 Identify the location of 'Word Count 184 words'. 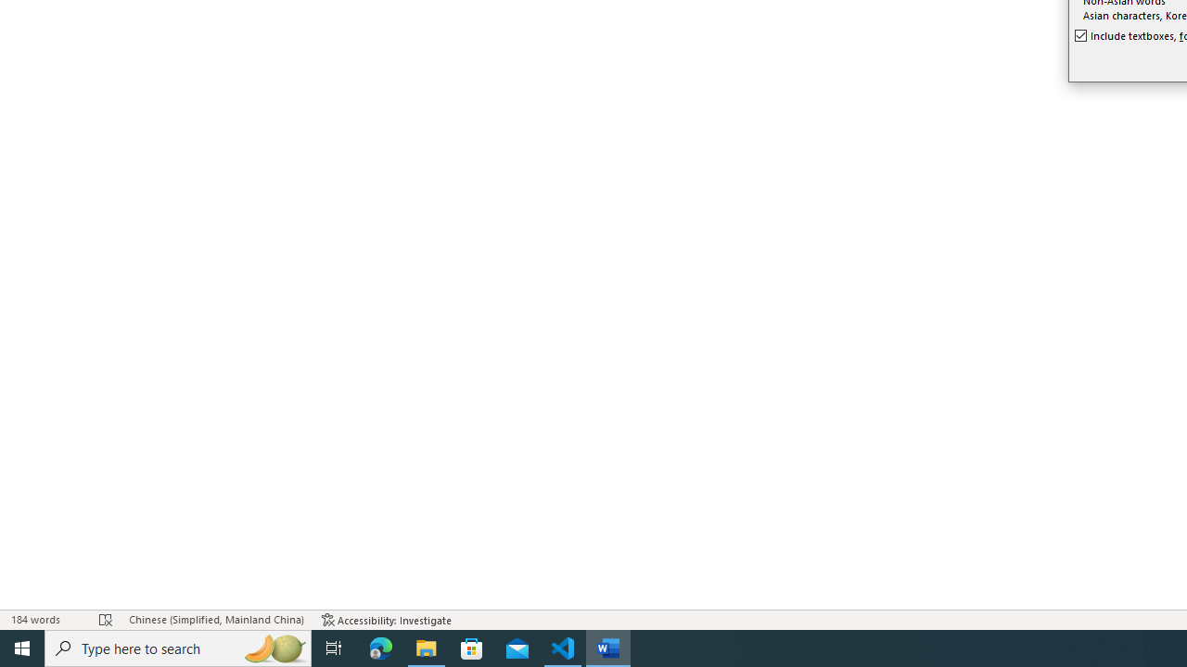
(45, 620).